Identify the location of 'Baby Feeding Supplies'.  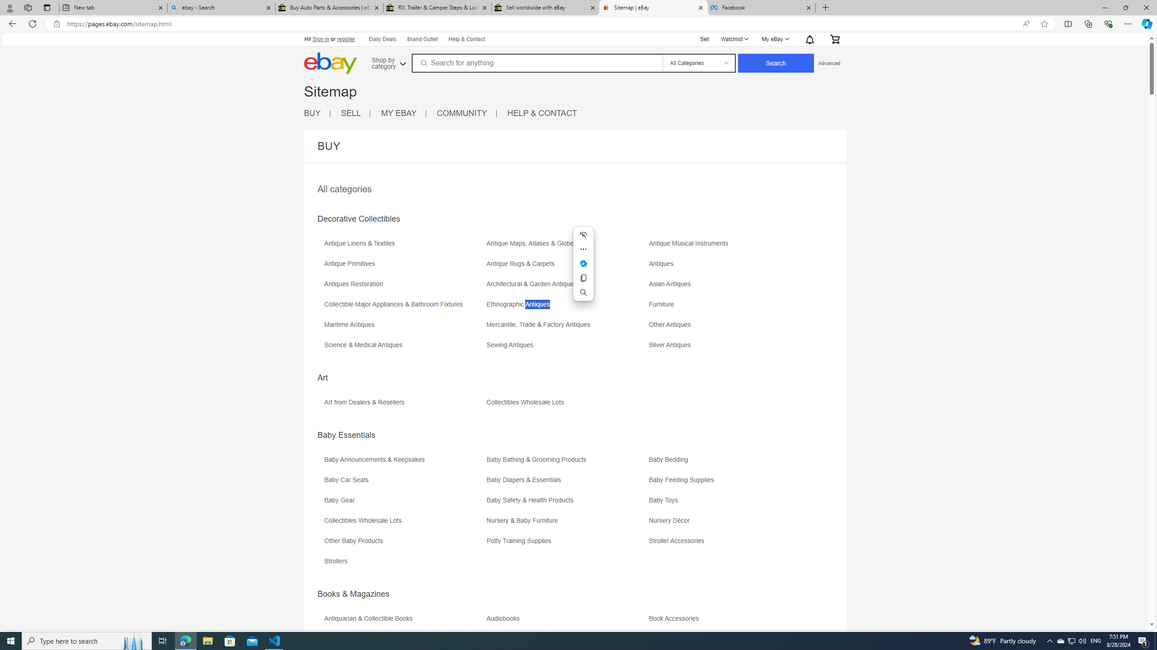
(683, 479).